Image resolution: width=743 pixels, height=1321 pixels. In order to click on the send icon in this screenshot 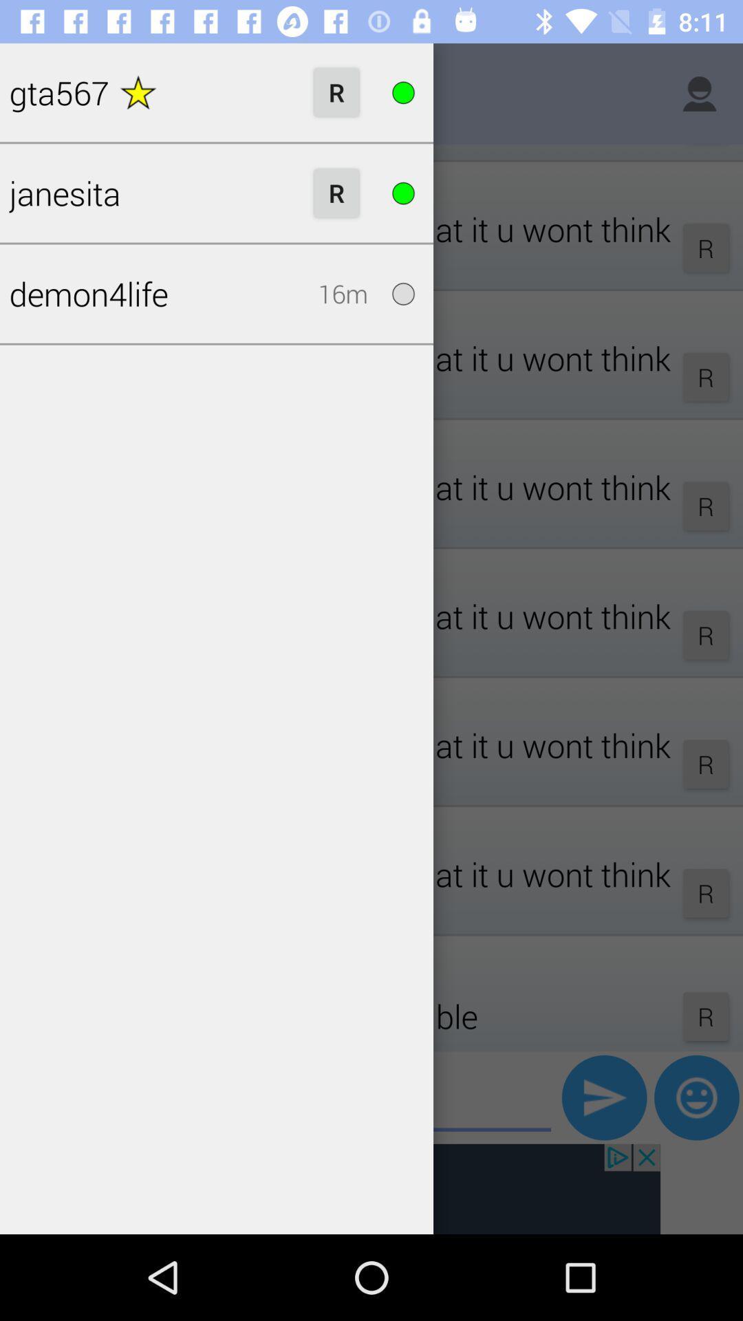, I will do `click(603, 1097)`.